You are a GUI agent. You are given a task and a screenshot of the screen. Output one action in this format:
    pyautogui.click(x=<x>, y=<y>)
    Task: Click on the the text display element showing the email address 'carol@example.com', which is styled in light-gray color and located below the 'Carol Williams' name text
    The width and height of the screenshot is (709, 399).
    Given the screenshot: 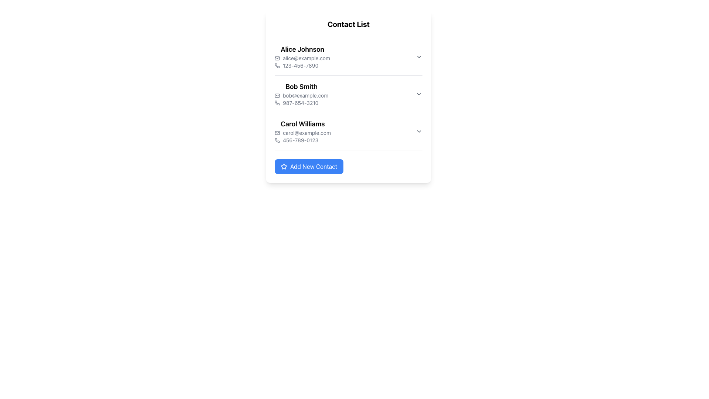 What is the action you would take?
    pyautogui.click(x=303, y=132)
    